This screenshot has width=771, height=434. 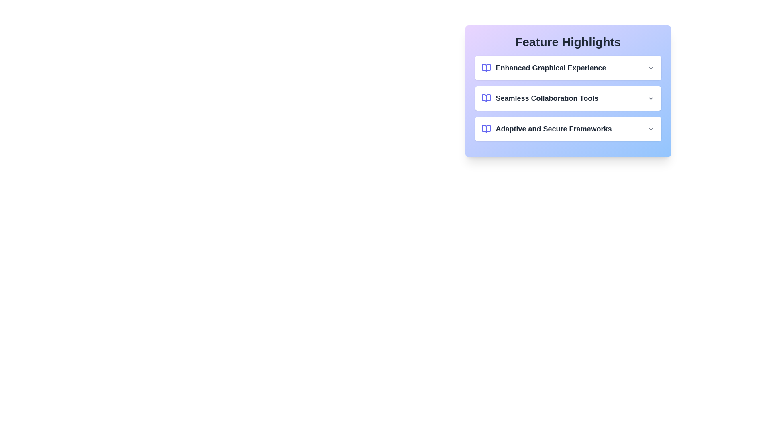 I want to click on the third selectable item in the 'Feature Highlights' list, which expands the 'Adaptive and Secure Frameworks' section, so click(x=567, y=128).